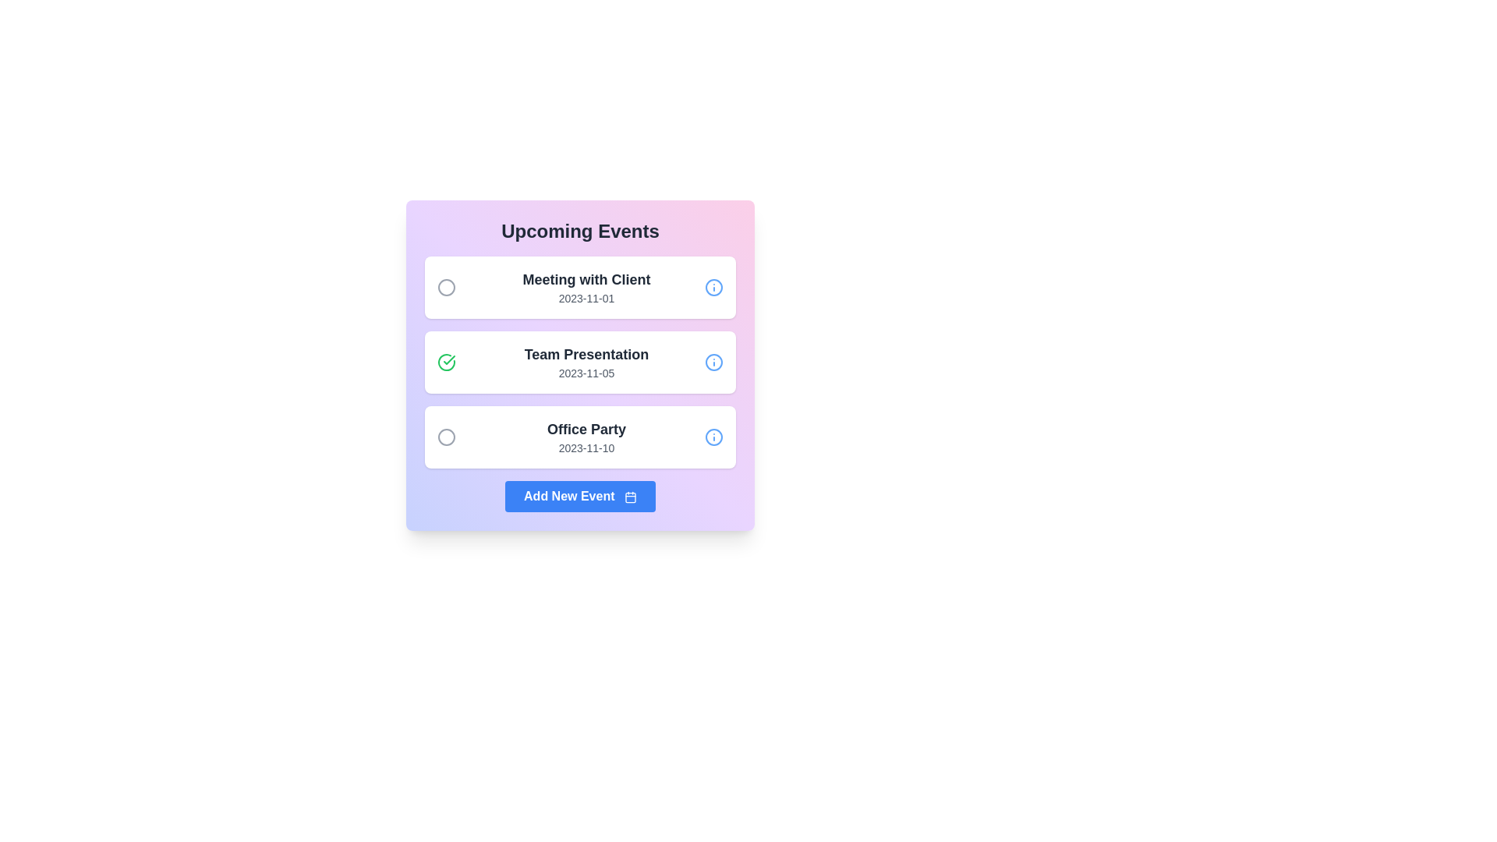  What do you see at coordinates (448, 360) in the screenshot?
I see `the lower segment of the circular checkmark icon indicating the completion of the 'Team Presentation' event in the 'Upcoming Events' panel` at bounding box center [448, 360].